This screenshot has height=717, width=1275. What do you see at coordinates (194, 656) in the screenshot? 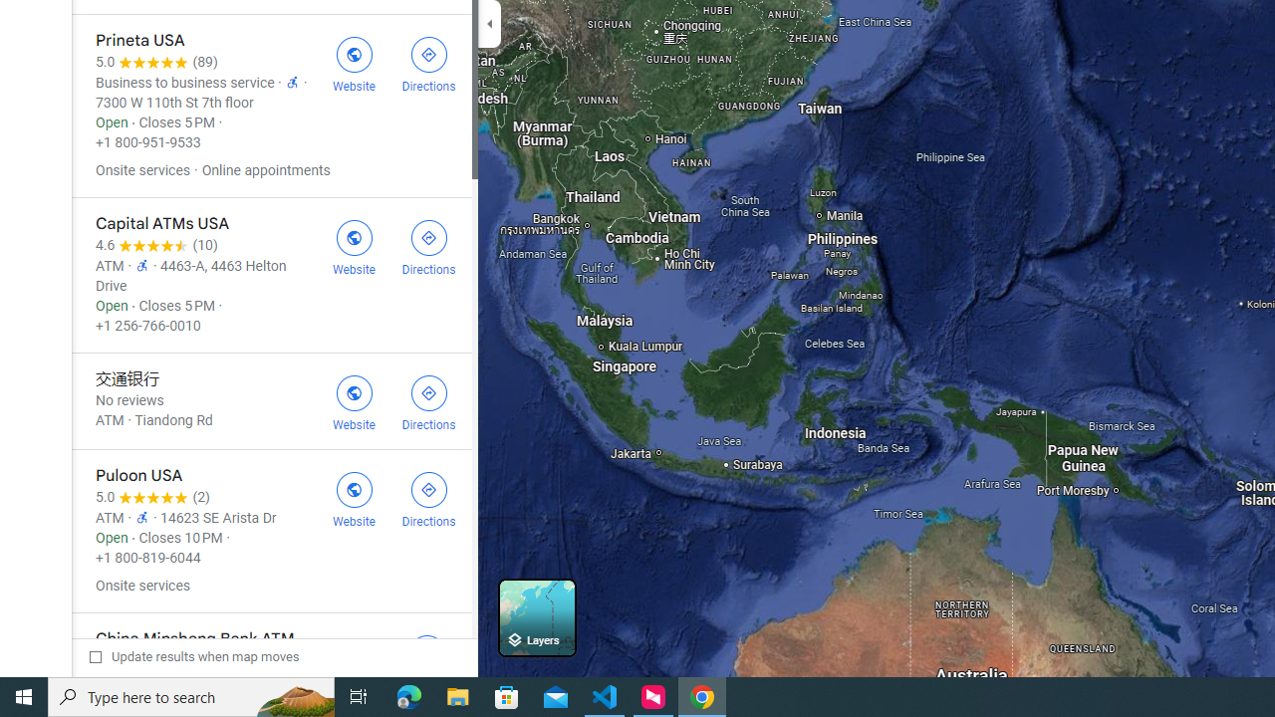
I see `'Update results when map moves'` at bounding box center [194, 656].